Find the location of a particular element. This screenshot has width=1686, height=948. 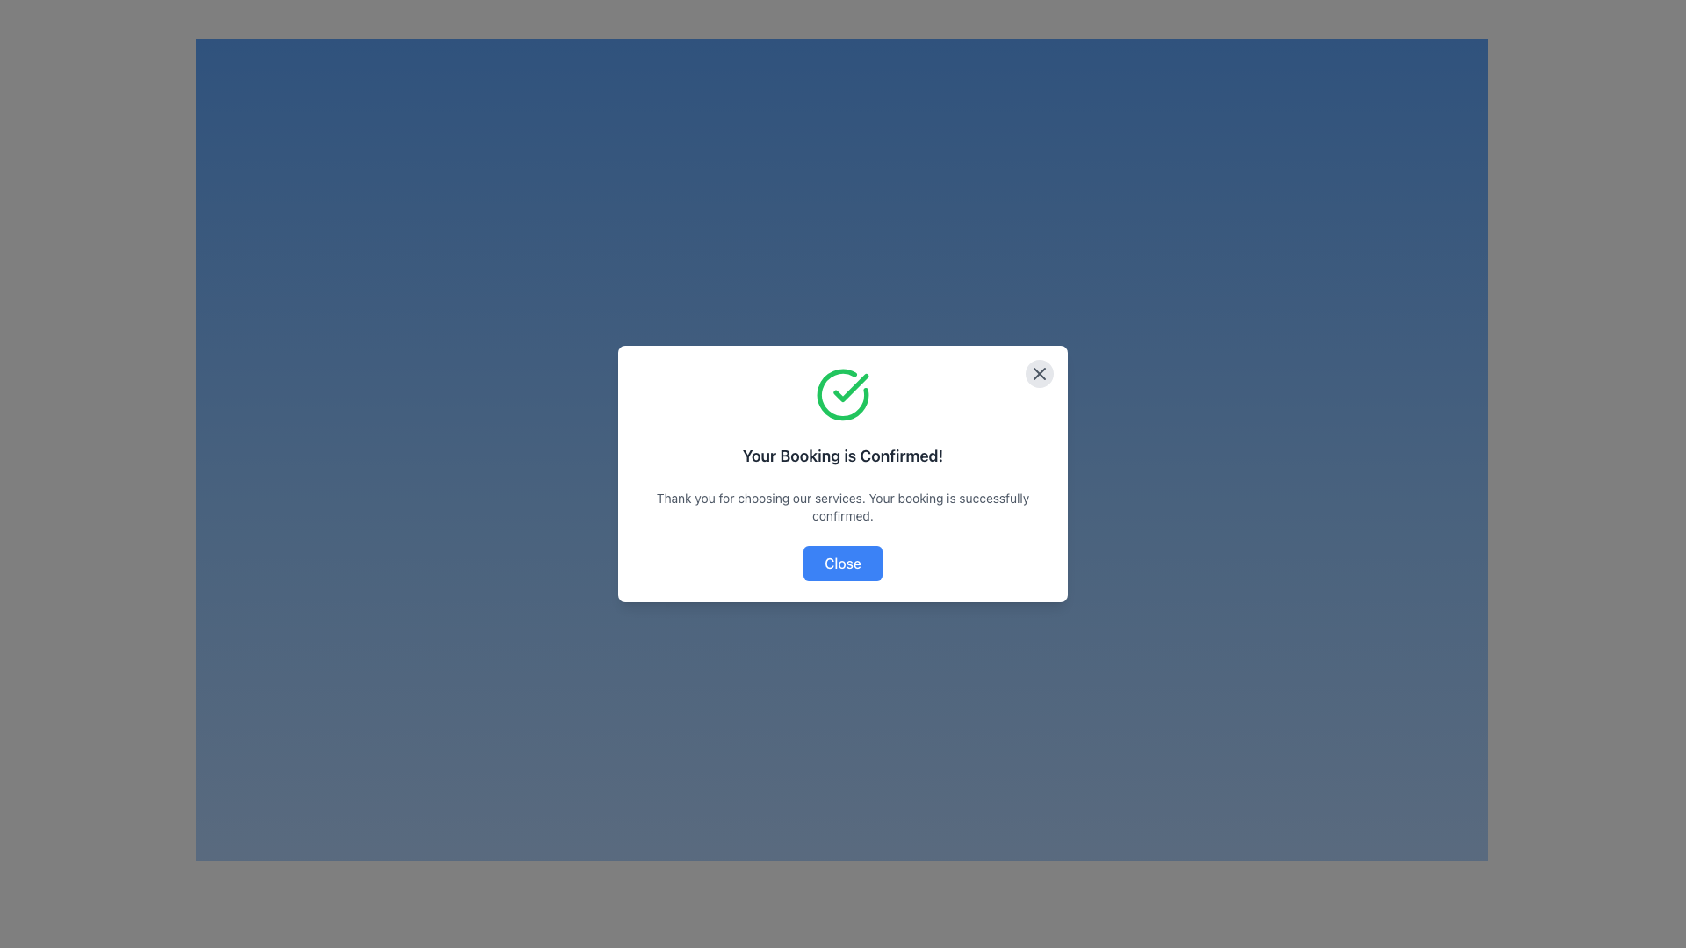

the small circular button with a light gray background and an 'X' icon located at the top-right corner of the modal window to trigger the hover effect is located at coordinates (1040, 372).